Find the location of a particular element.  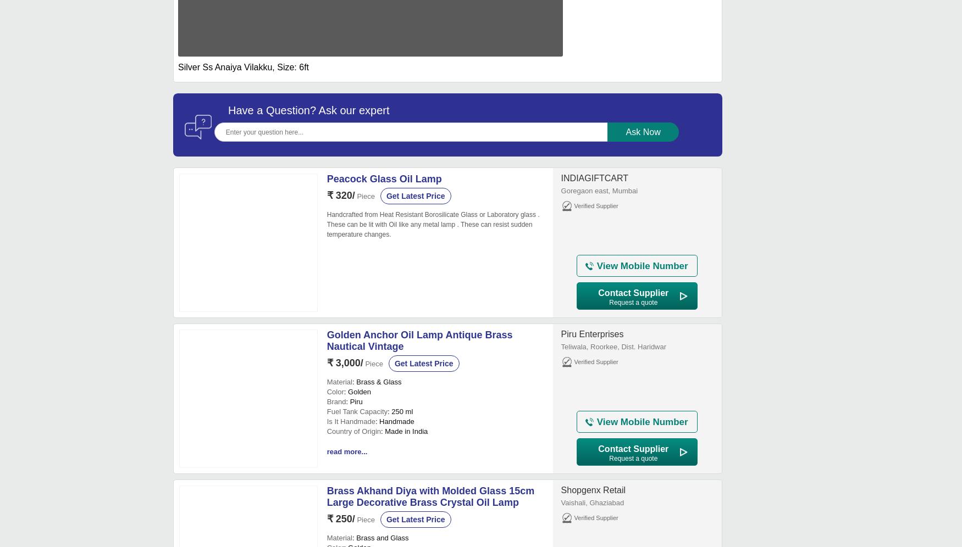

'Goregaon east, Mumbai' is located at coordinates (560, 191).